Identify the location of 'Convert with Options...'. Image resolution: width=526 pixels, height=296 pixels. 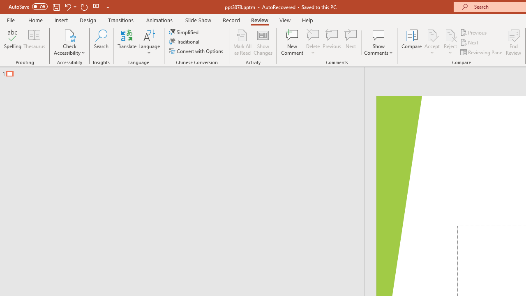
(196, 51).